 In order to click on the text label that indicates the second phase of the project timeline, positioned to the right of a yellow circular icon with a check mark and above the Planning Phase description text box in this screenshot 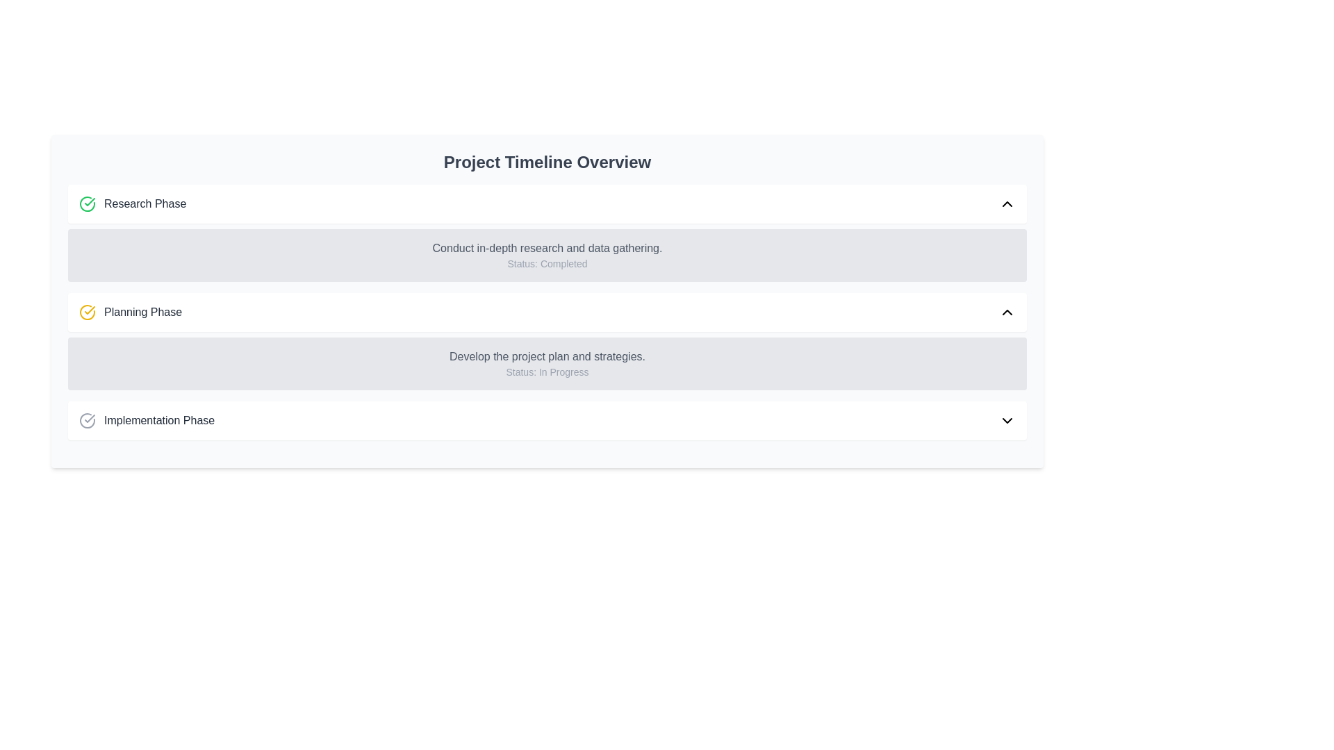, I will do `click(143, 312)`.